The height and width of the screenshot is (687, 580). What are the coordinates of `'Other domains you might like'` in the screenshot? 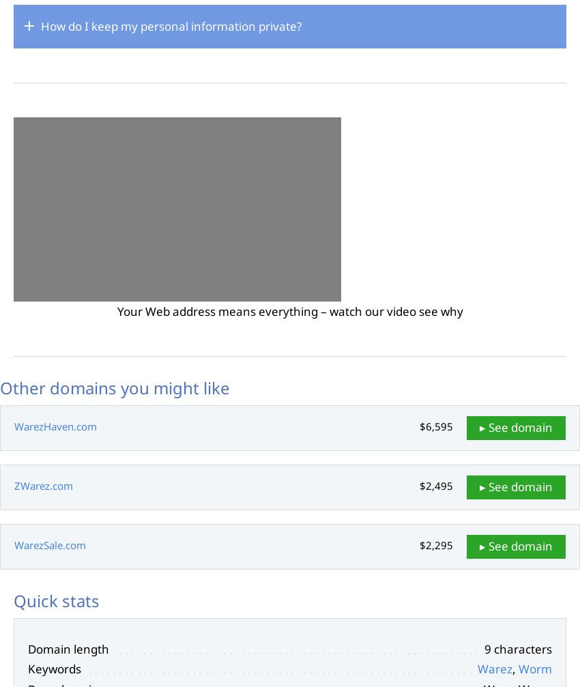 It's located at (115, 386).